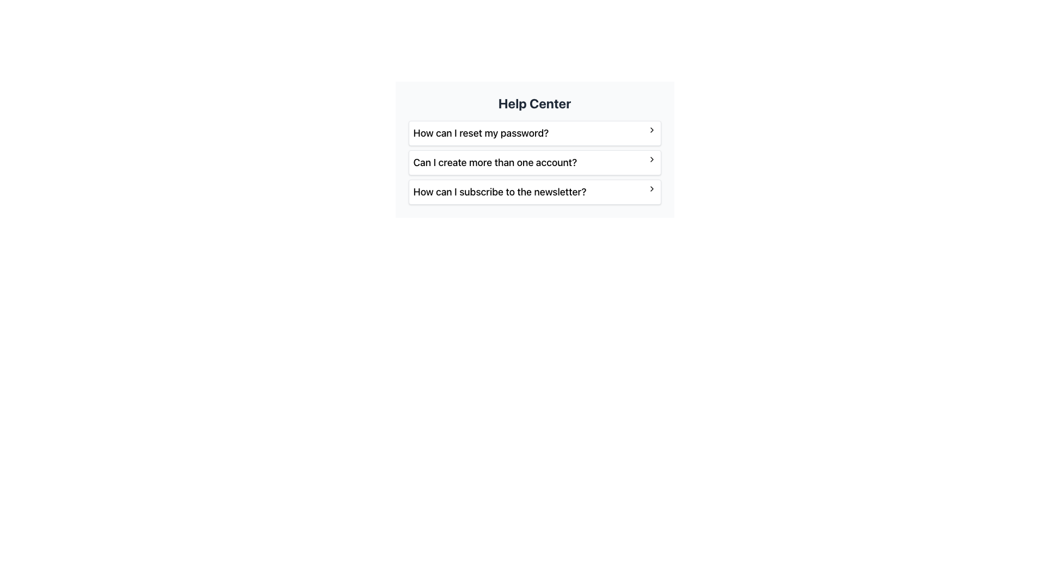 Image resolution: width=1045 pixels, height=588 pixels. Describe the element at coordinates (534, 163) in the screenshot. I see `one of the questions in the vertical list of clickable items styled as cards with a white background, located below the 'Help Center' heading` at that location.